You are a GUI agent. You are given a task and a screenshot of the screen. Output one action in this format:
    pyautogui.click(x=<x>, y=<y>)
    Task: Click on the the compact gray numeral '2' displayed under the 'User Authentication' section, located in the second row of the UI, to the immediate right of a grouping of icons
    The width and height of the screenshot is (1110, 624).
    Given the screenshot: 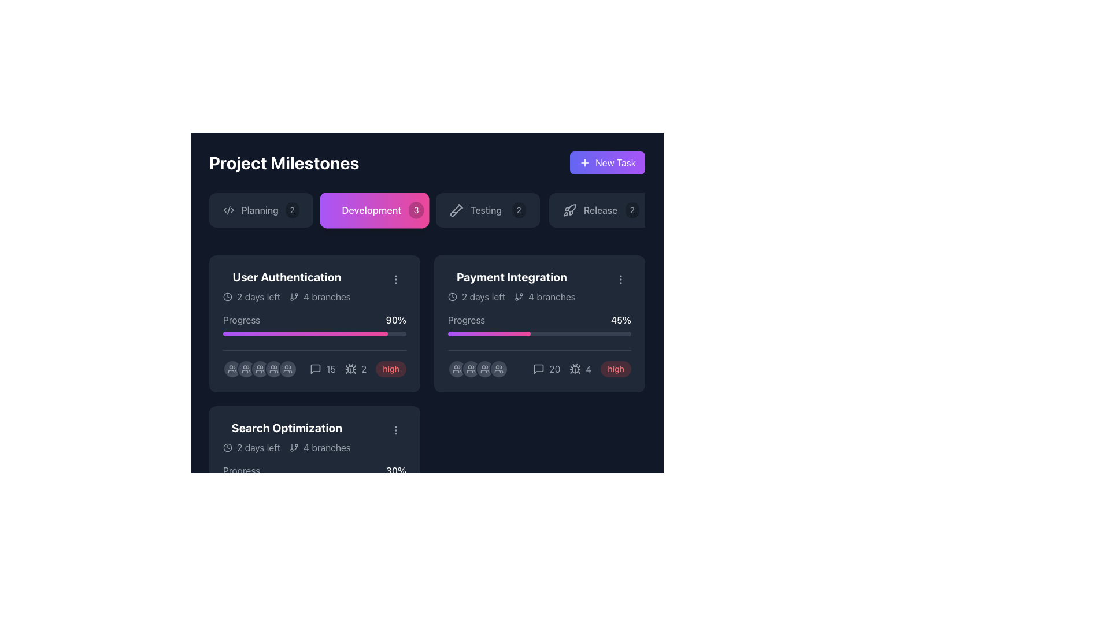 What is the action you would take?
    pyautogui.click(x=363, y=369)
    